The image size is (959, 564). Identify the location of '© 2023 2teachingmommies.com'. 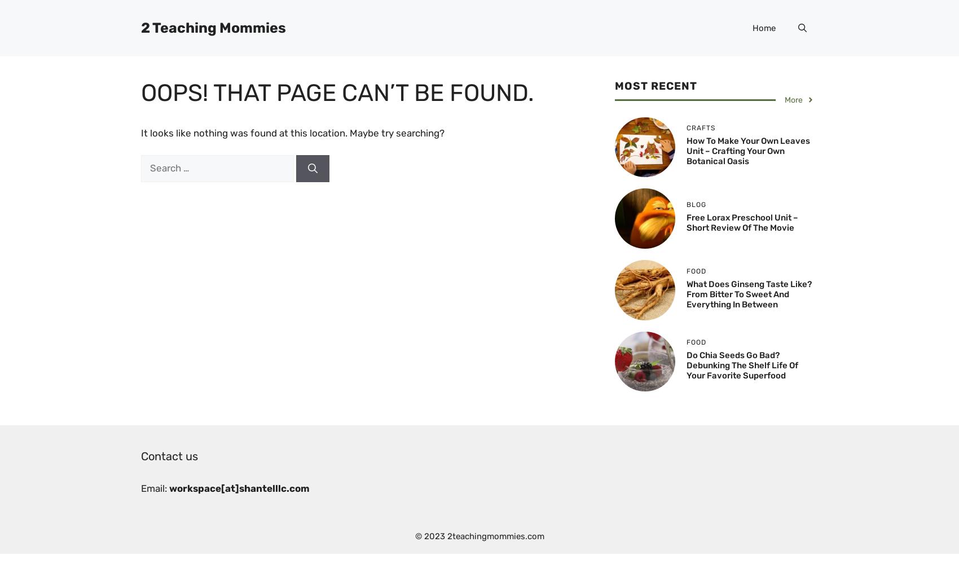
(478, 535).